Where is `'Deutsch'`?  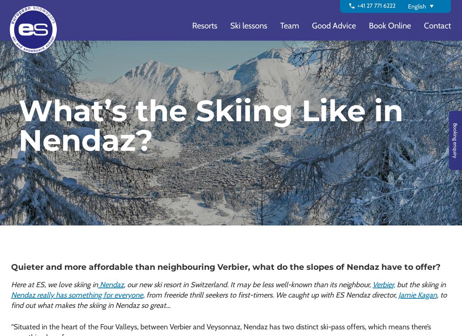 'Deutsch' is located at coordinates (418, 29).